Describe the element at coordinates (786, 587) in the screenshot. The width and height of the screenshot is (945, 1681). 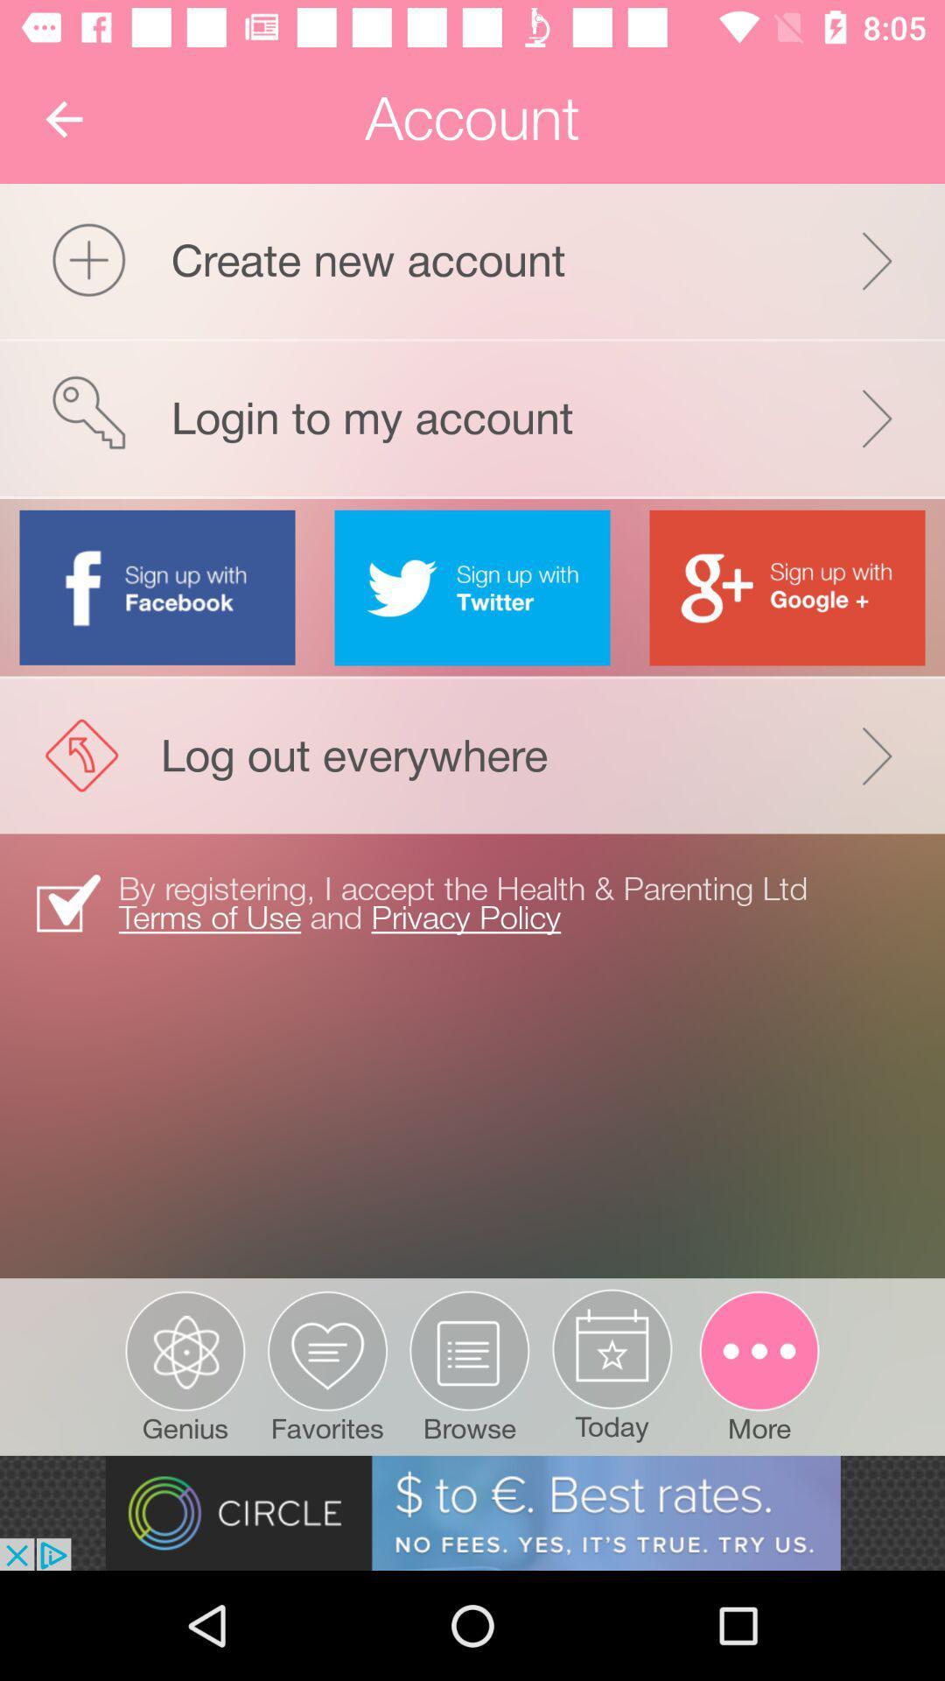
I see `this option google plus` at that location.